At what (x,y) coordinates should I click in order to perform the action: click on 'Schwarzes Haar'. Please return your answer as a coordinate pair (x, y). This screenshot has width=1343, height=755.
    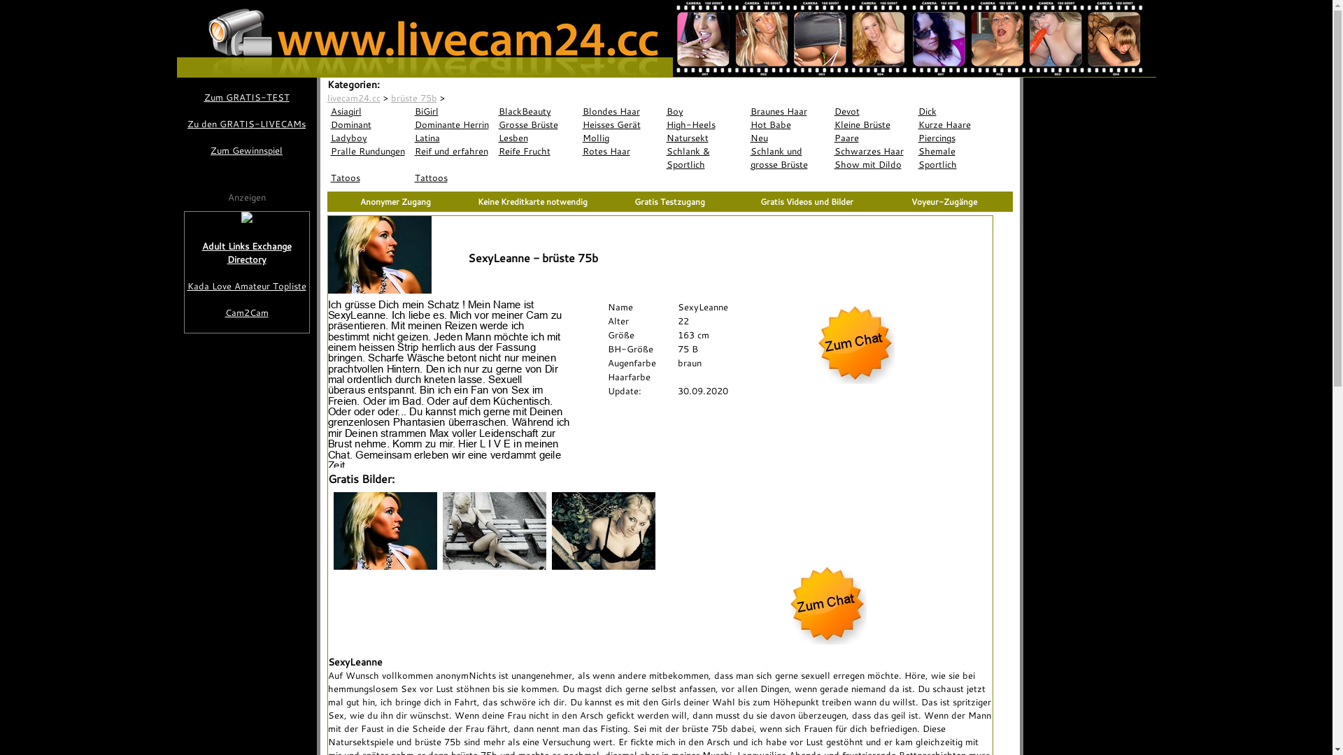
    Looking at the image, I should click on (872, 151).